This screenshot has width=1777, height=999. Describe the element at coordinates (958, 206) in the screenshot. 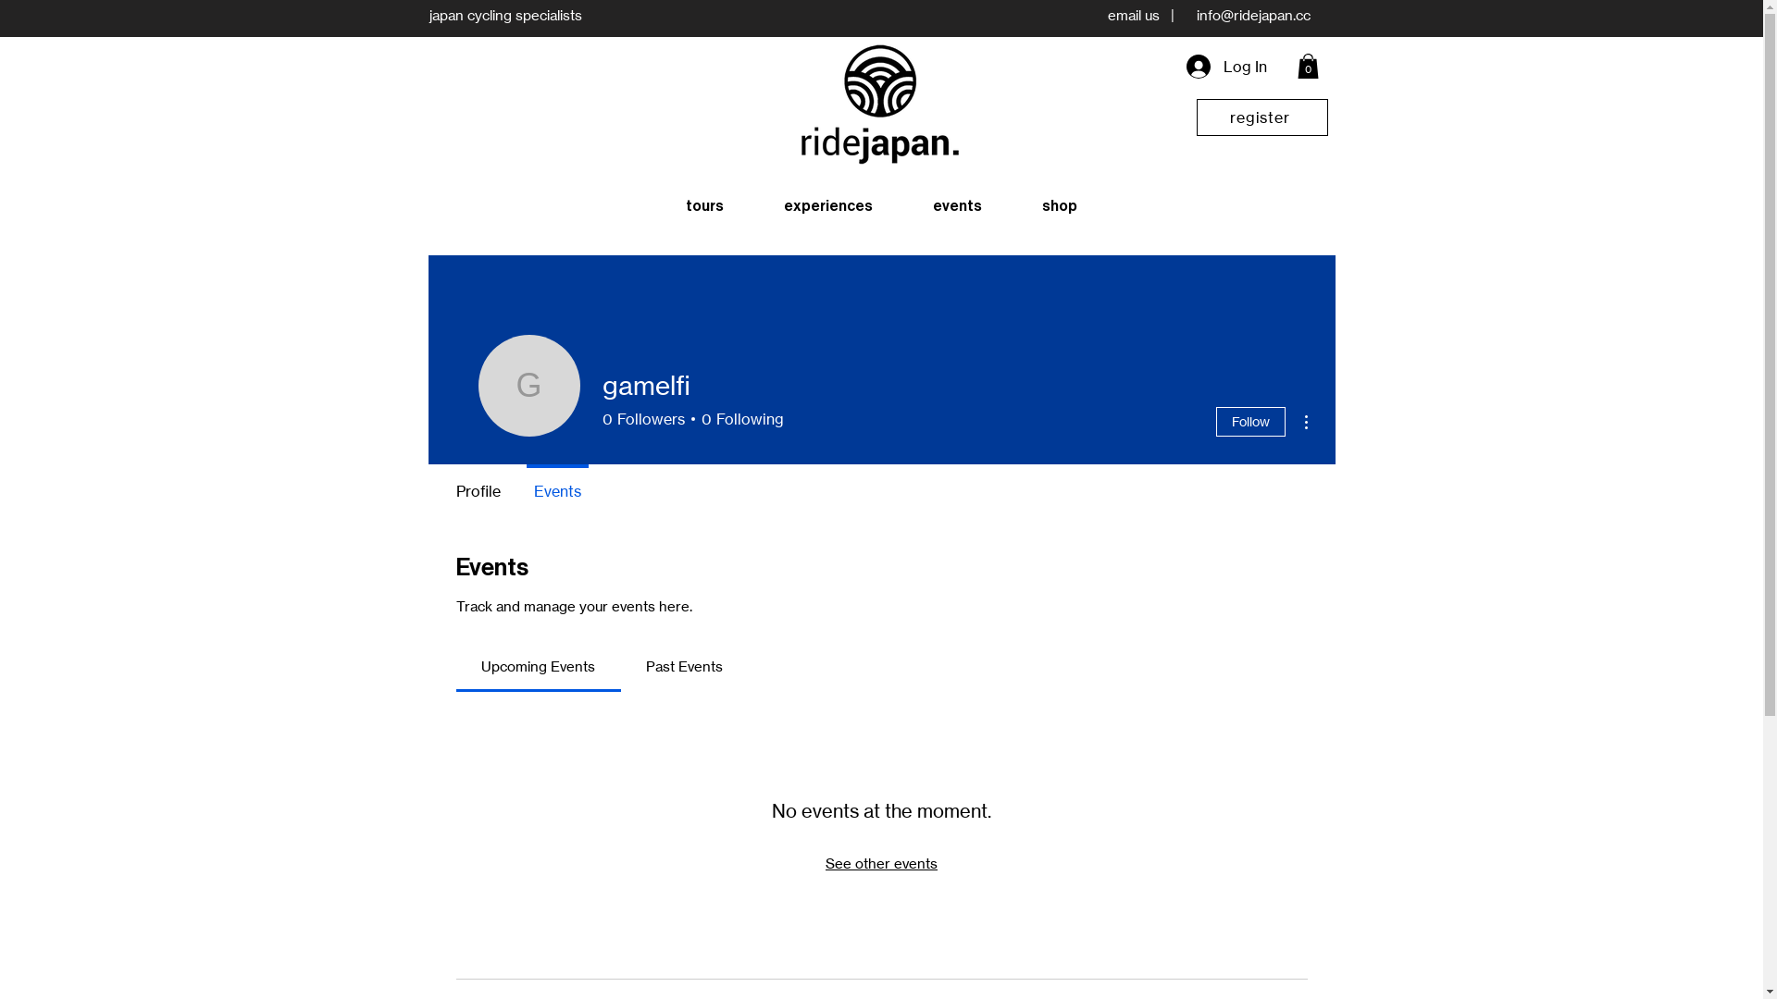

I see `'events'` at that location.